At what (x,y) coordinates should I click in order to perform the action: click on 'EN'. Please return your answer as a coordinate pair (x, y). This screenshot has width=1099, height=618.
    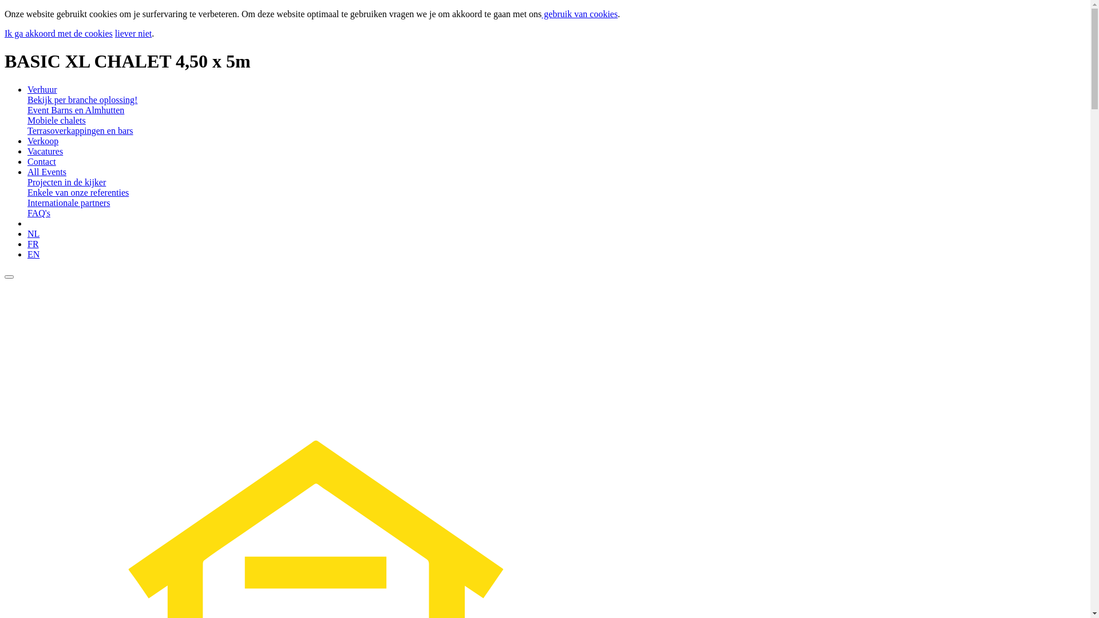
    Looking at the image, I should click on (33, 253).